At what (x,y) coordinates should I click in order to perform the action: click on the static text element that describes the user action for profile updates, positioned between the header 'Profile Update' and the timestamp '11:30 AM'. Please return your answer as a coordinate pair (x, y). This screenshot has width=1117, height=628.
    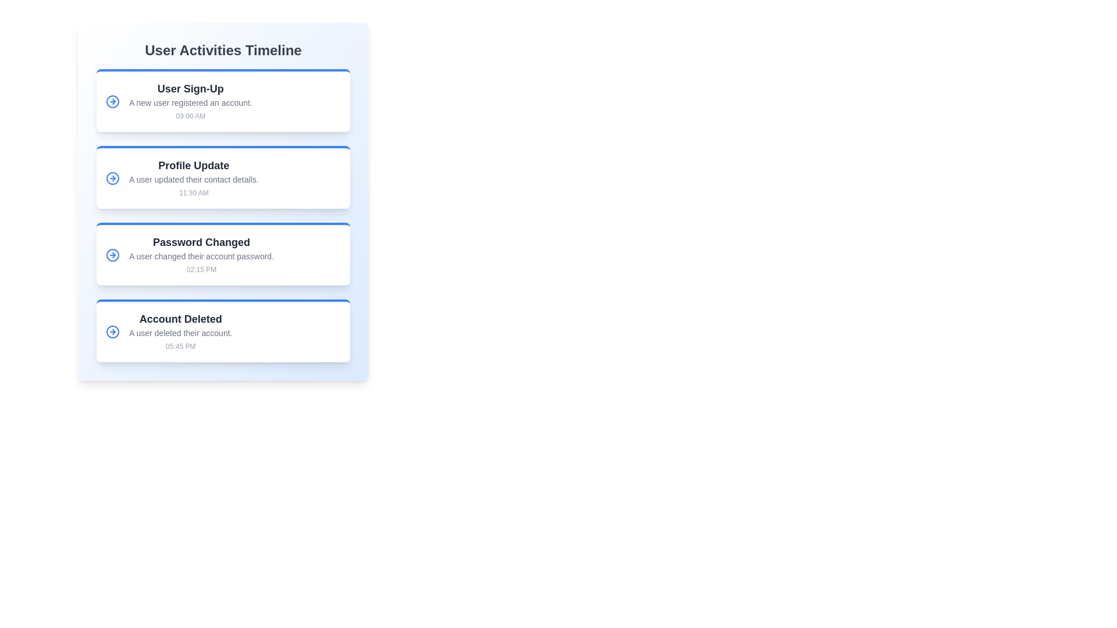
    Looking at the image, I should click on (194, 179).